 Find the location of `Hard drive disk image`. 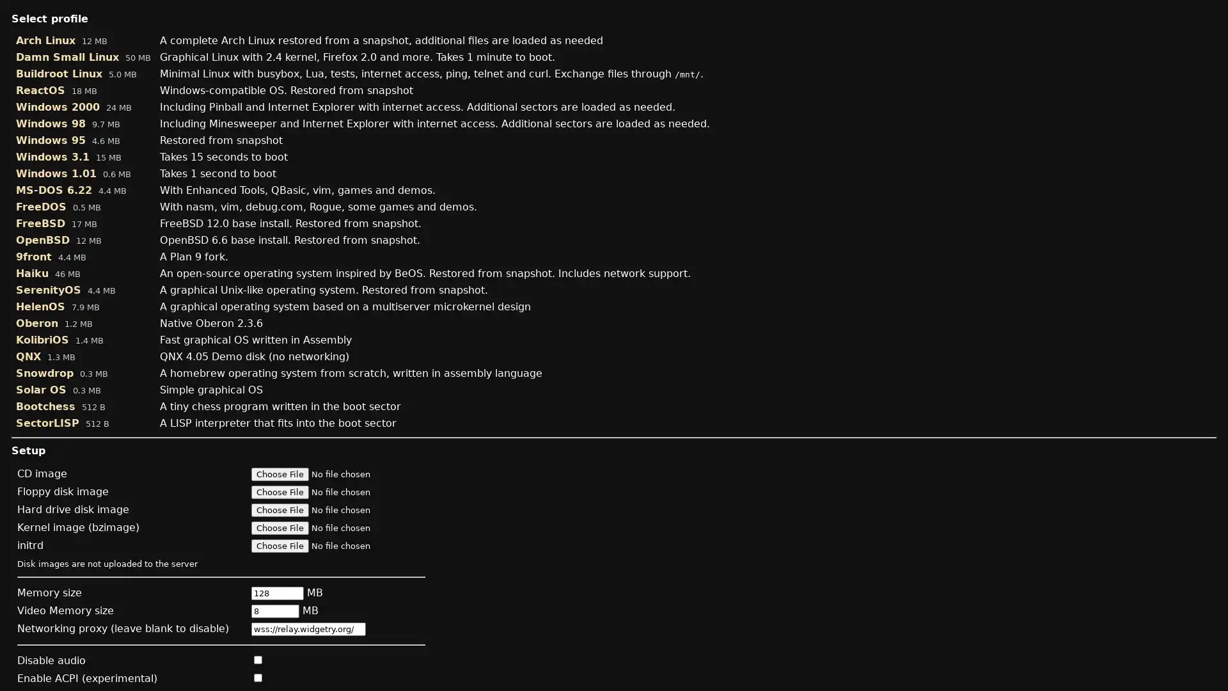

Hard drive disk image is located at coordinates (338, 509).